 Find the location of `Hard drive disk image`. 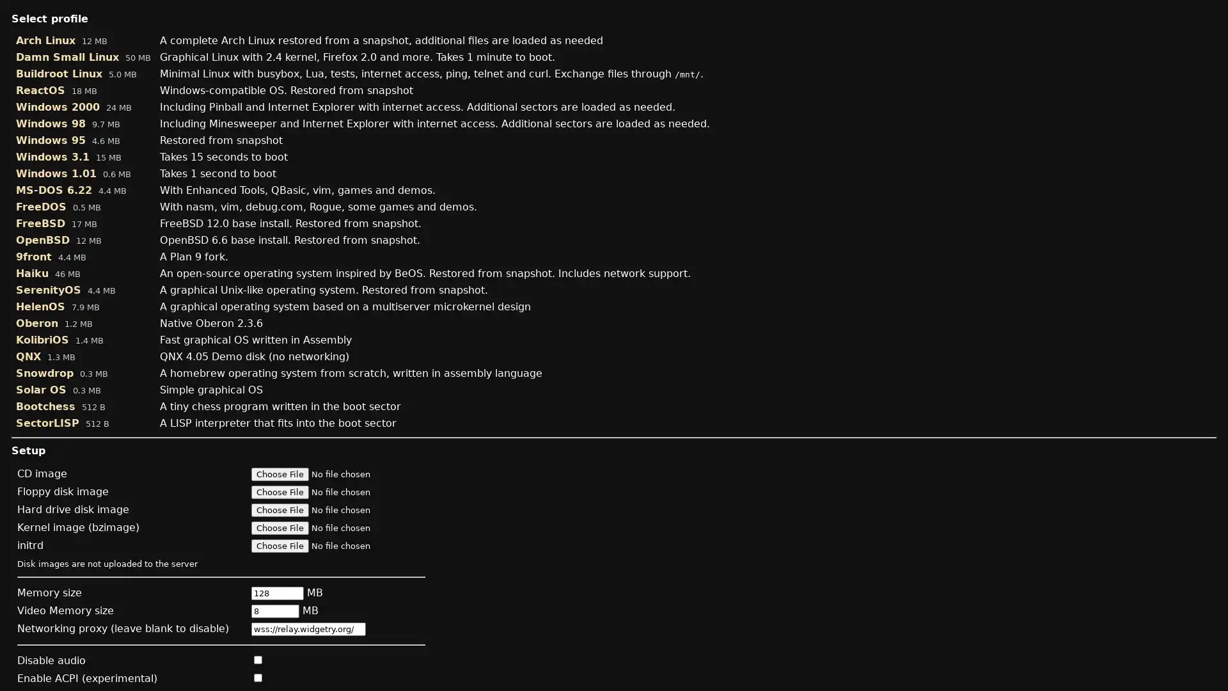

Hard drive disk image is located at coordinates (338, 509).